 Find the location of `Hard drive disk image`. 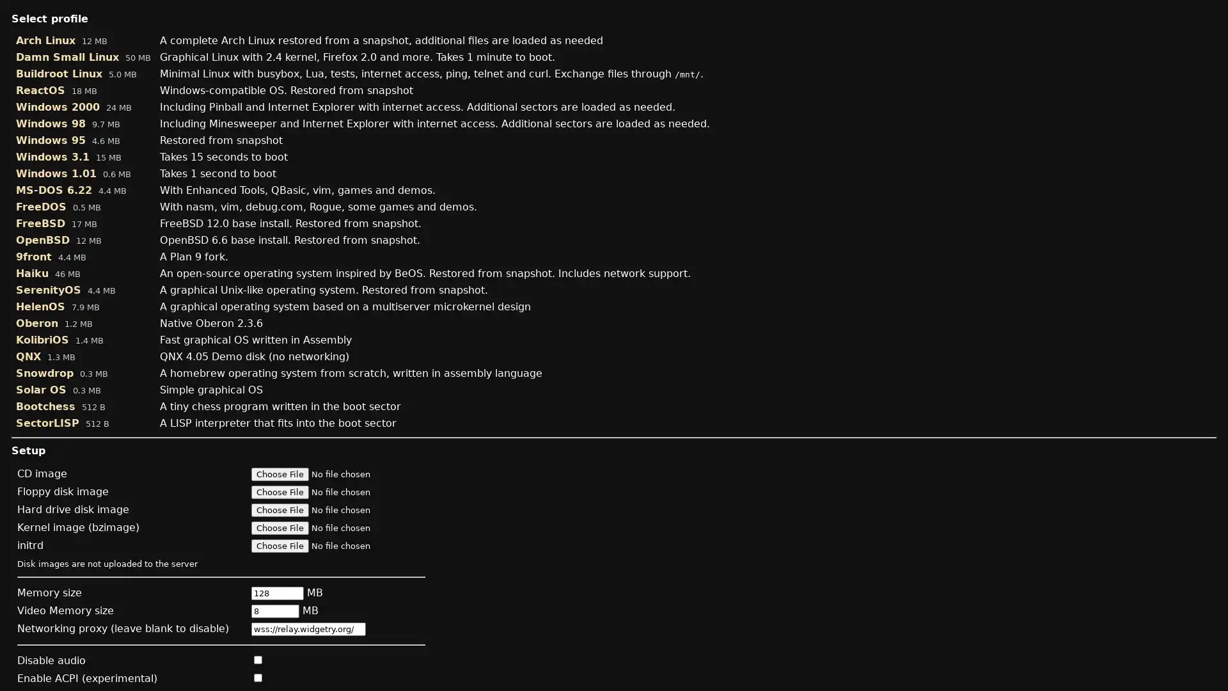

Hard drive disk image is located at coordinates (338, 509).